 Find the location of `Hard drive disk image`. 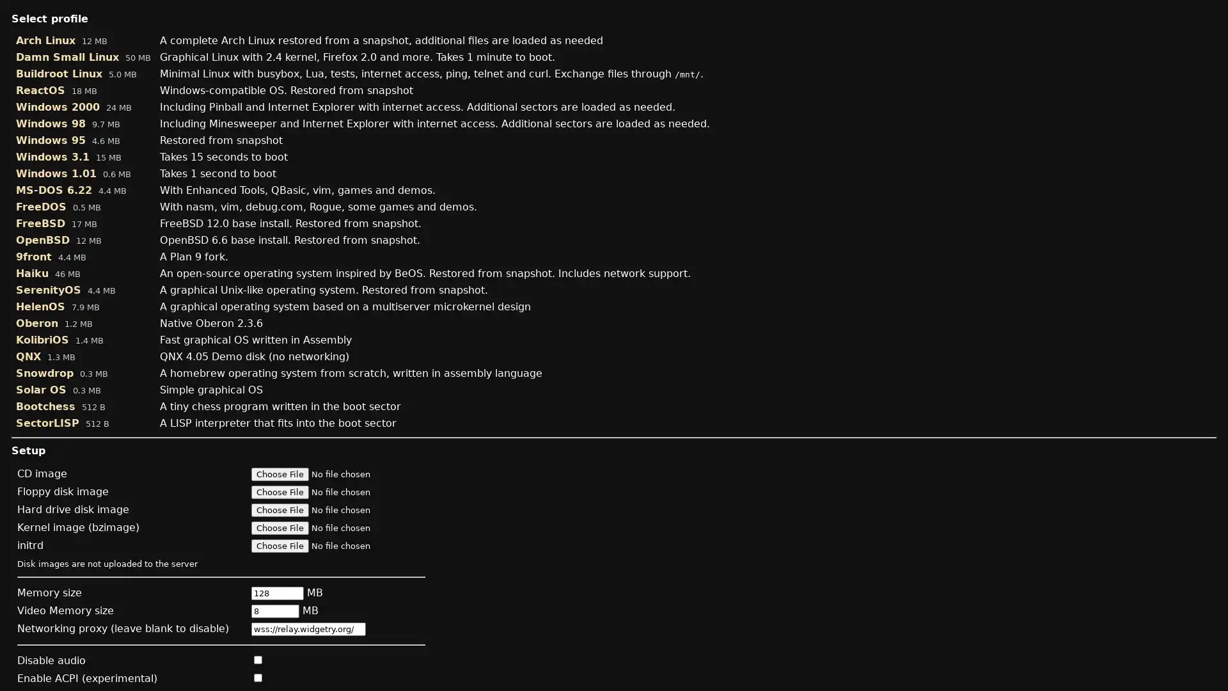

Hard drive disk image is located at coordinates (338, 509).